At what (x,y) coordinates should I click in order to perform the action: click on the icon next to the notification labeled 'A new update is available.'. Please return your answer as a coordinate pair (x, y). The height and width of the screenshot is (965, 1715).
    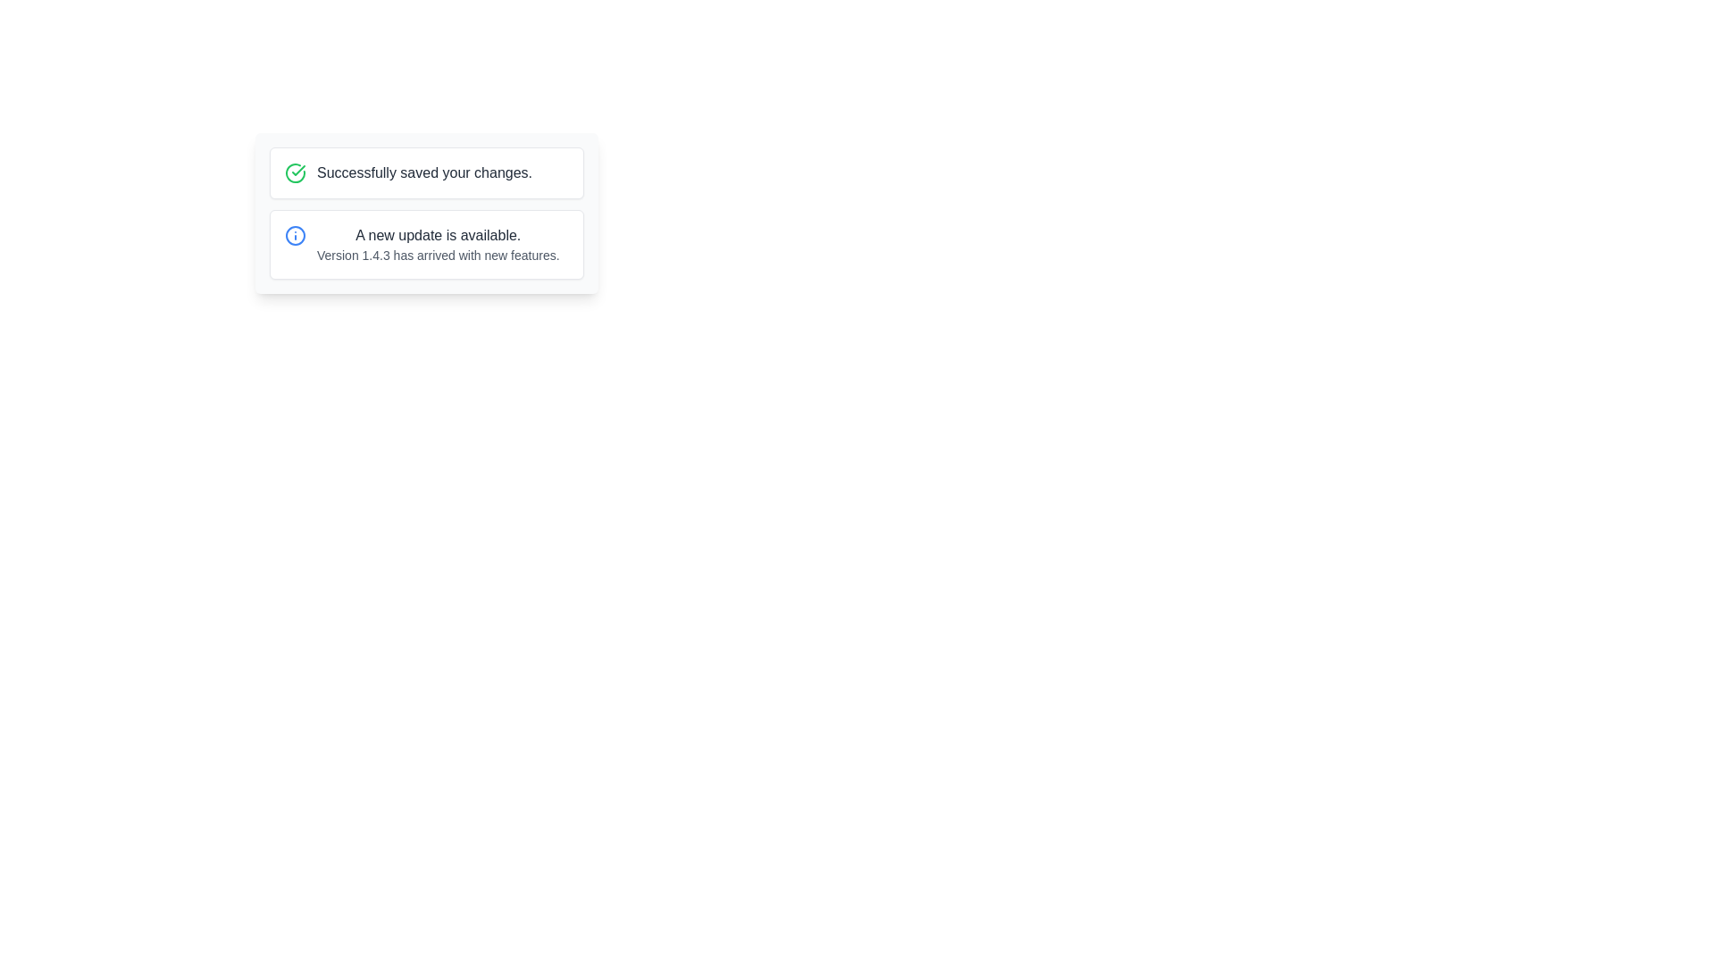
    Looking at the image, I should click on (296, 234).